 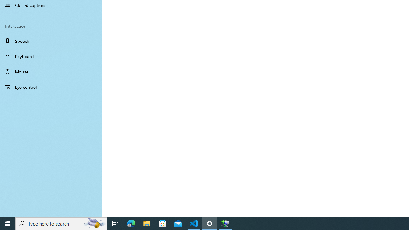 I want to click on 'Eye control', so click(x=51, y=87).